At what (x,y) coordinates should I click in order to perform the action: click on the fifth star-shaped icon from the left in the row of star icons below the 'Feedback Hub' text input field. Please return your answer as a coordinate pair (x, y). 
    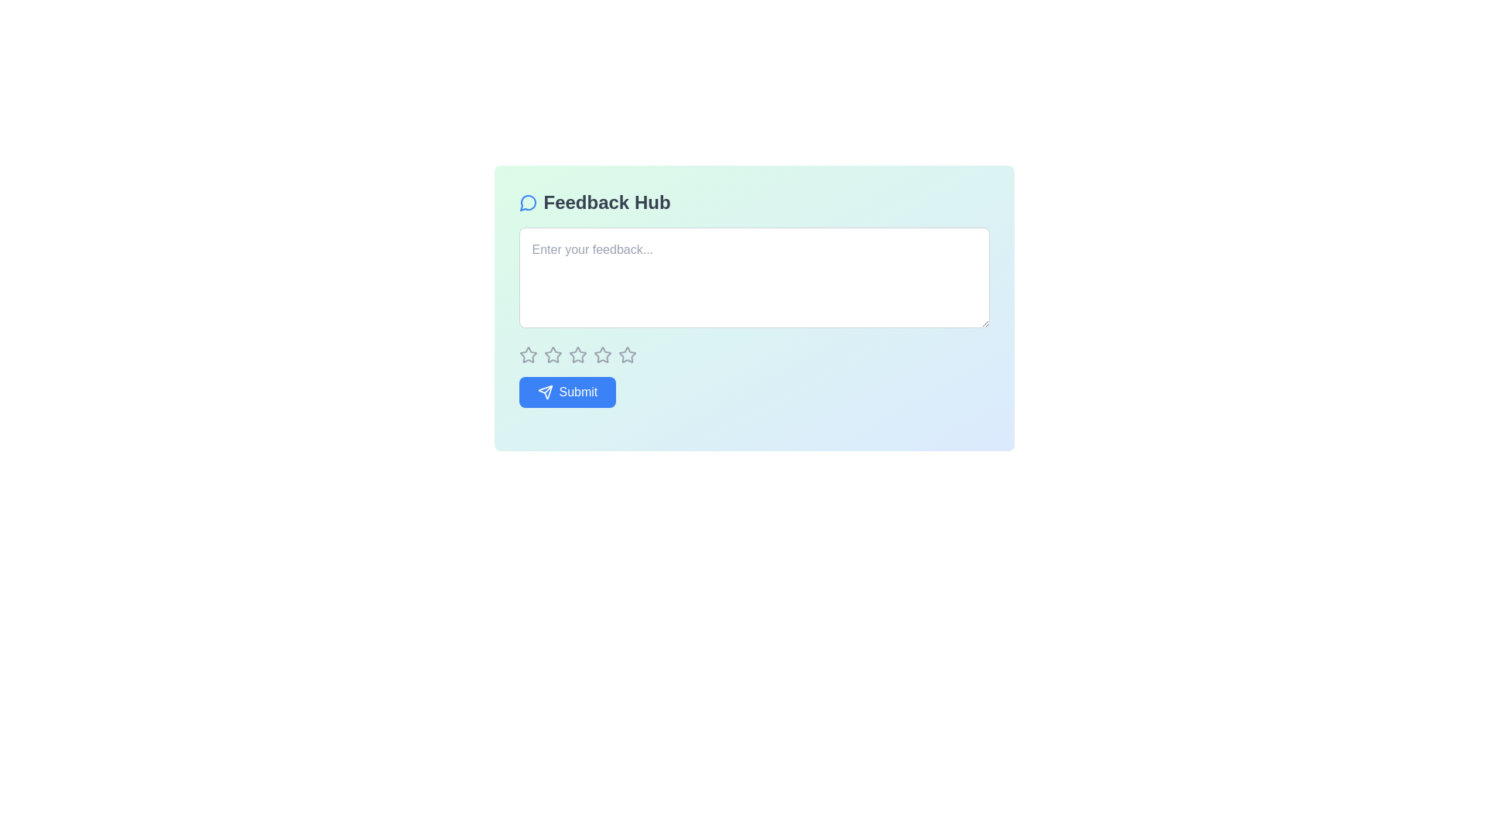
    Looking at the image, I should click on (627, 355).